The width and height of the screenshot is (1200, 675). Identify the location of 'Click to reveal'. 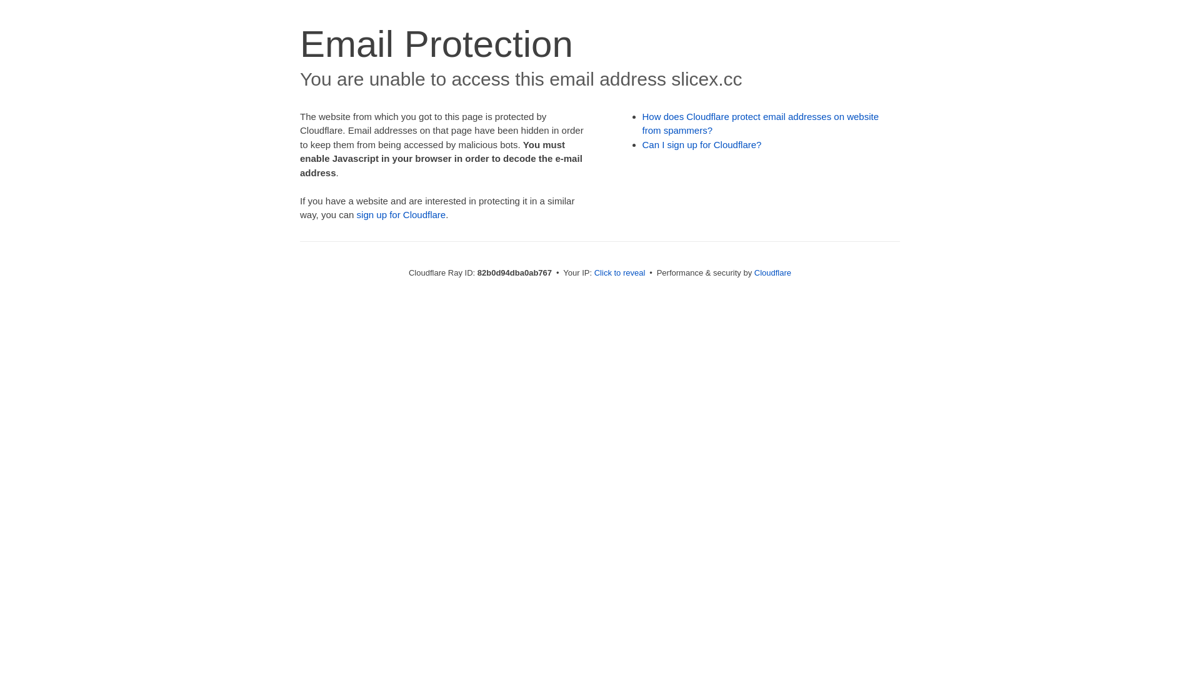
(620, 272).